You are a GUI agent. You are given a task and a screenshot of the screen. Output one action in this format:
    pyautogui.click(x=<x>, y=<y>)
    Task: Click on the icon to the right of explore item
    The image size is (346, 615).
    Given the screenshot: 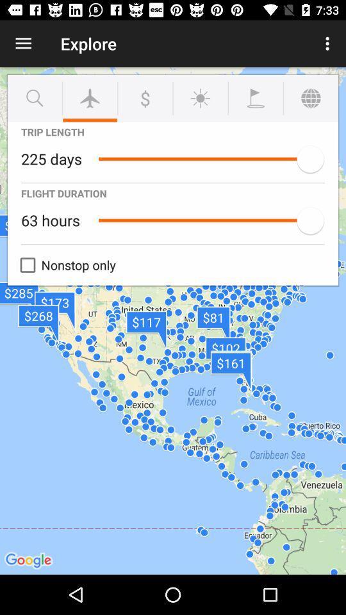 What is the action you would take?
    pyautogui.click(x=329, y=44)
    